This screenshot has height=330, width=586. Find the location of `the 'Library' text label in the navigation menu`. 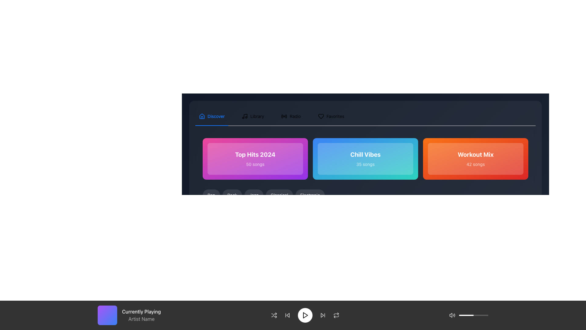

the 'Library' text label in the navigation menu is located at coordinates (257, 116).